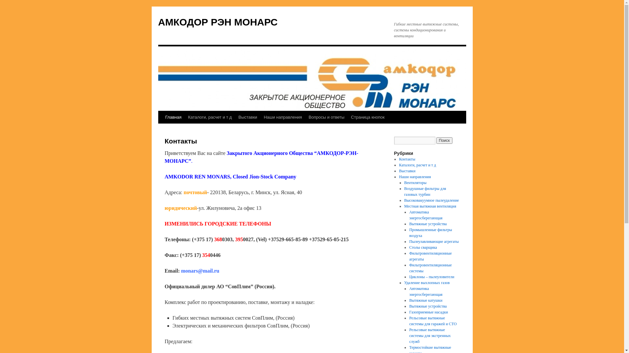  I want to click on 'Skip to content', so click(161, 130).